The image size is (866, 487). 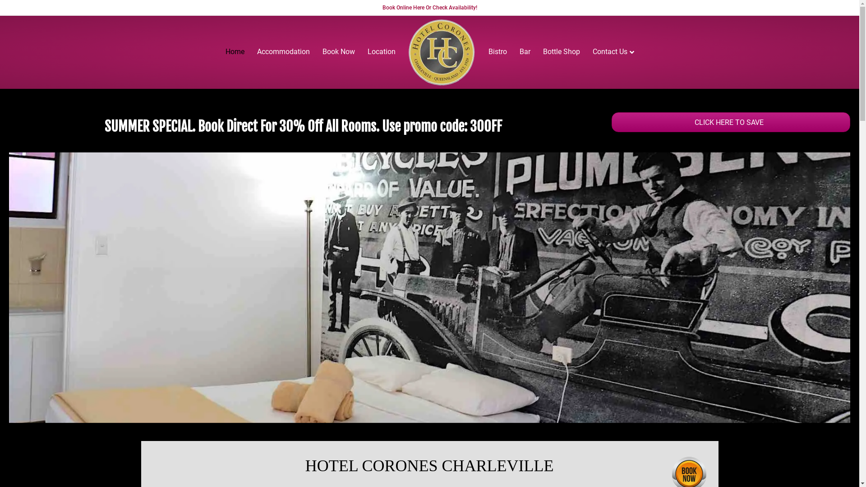 What do you see at coordinates (283, 52) in the screenshot?
I see `'Accommodation'` at bounding box center [283, 52].